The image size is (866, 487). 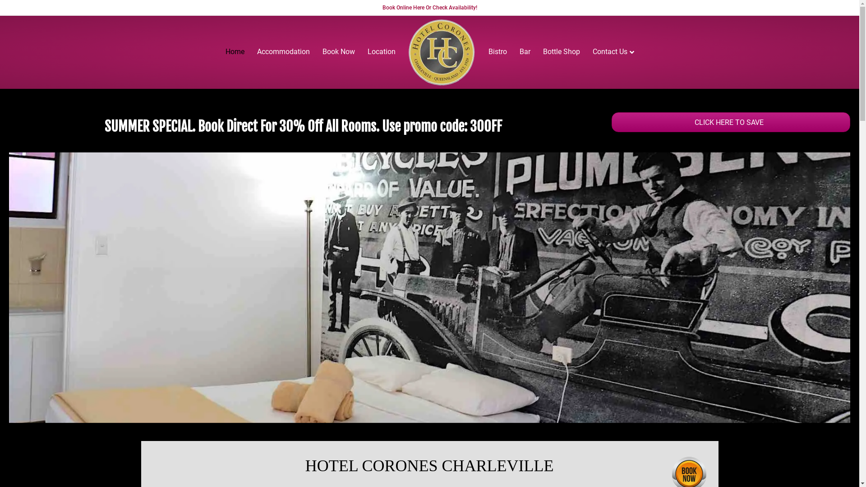 What do you see at coordinates (283, 52) in the screenshot?
I see `'Accommodation'` at bounding box center [283, 52].